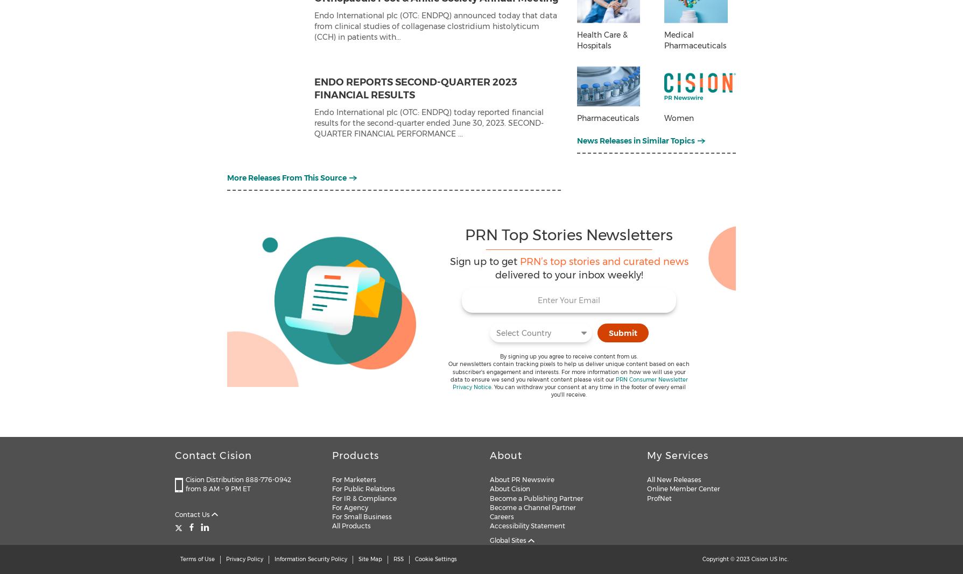  Describe the element at coordinates (537, 299) in the screenshot. I see `'Enter Your Email'` at that location.